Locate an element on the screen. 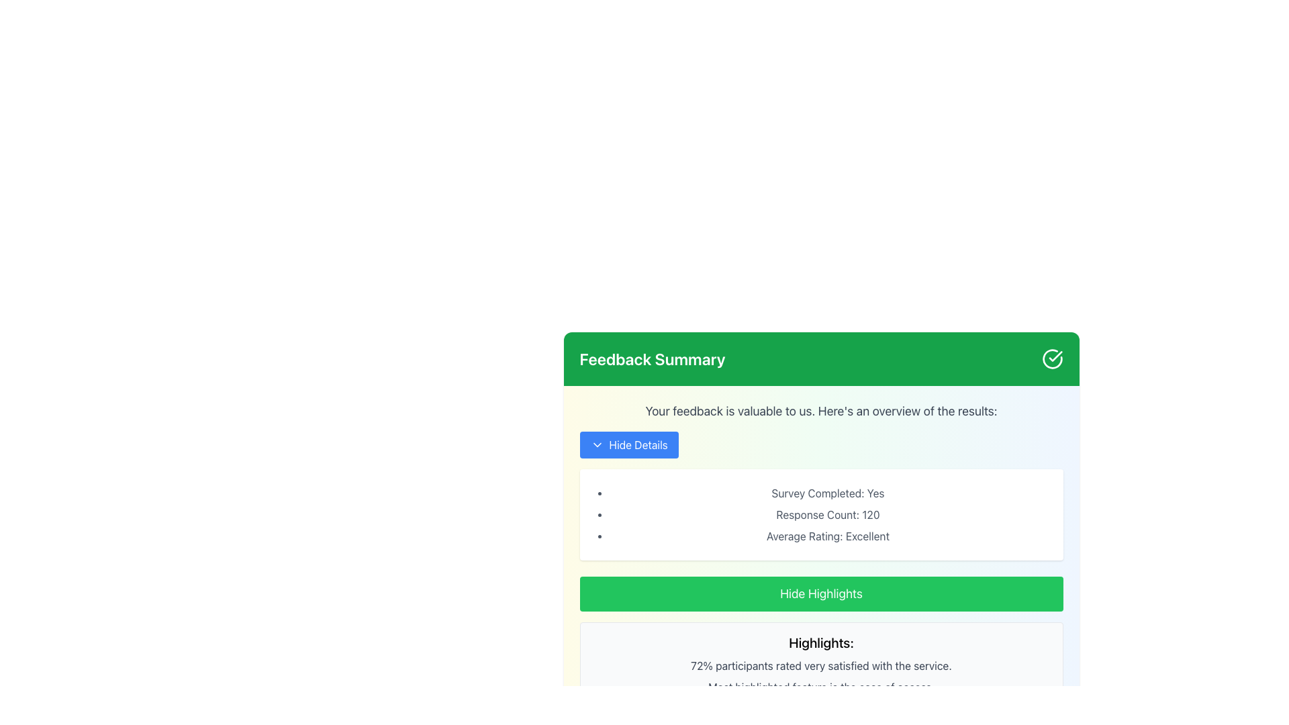  the 'Hide Highlights' button, which is a rectangular button with a green background and white text, located in the 'Feedback Summary' section is located at coordinates (820, 593).